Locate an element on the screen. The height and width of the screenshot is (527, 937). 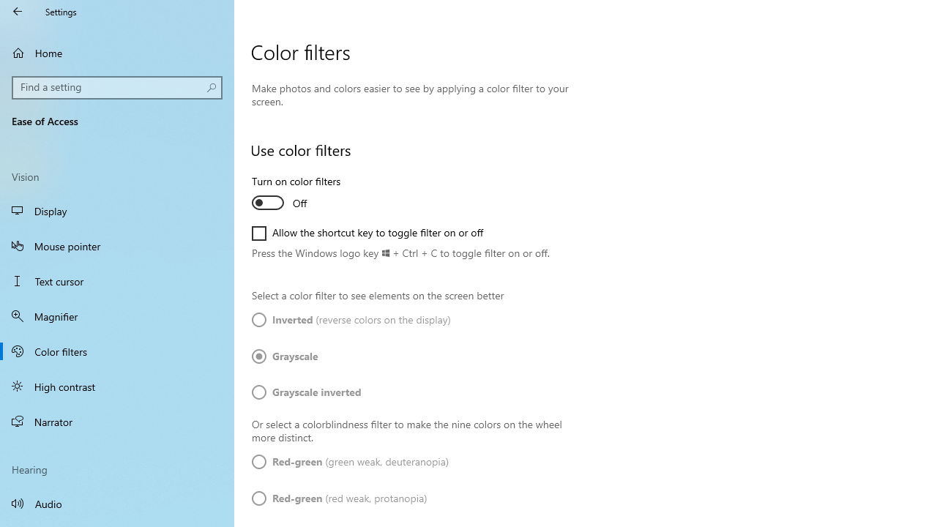
'Allow the shortcut key to toggle filter on or off' is located at coordinates (367, 232).